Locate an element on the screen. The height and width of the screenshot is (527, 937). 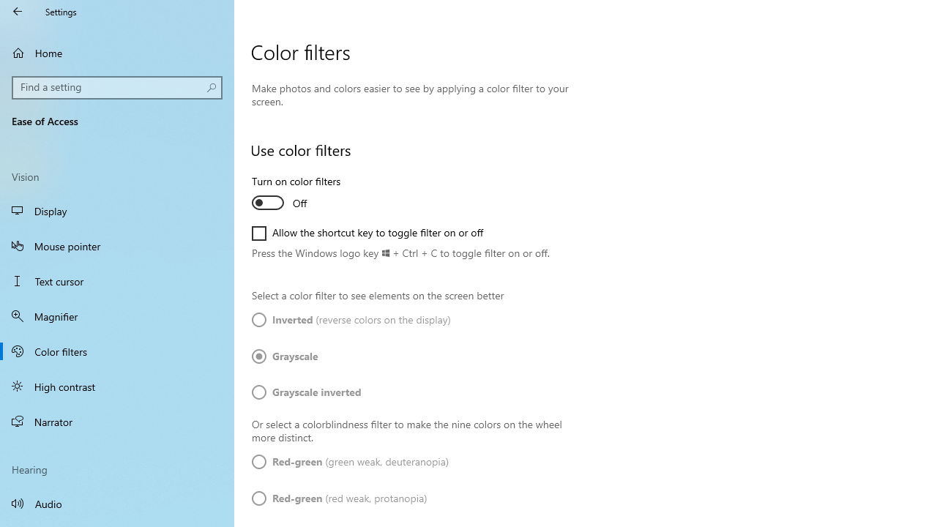
'Allow the shortcut key to toggle filter on or off' is located at coordinates (367, 232).